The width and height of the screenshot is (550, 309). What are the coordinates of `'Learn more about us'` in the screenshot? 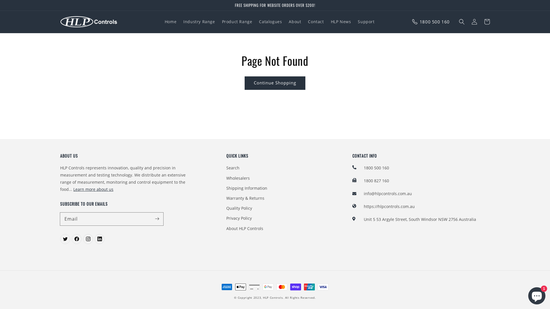 It's located at (93, 189).